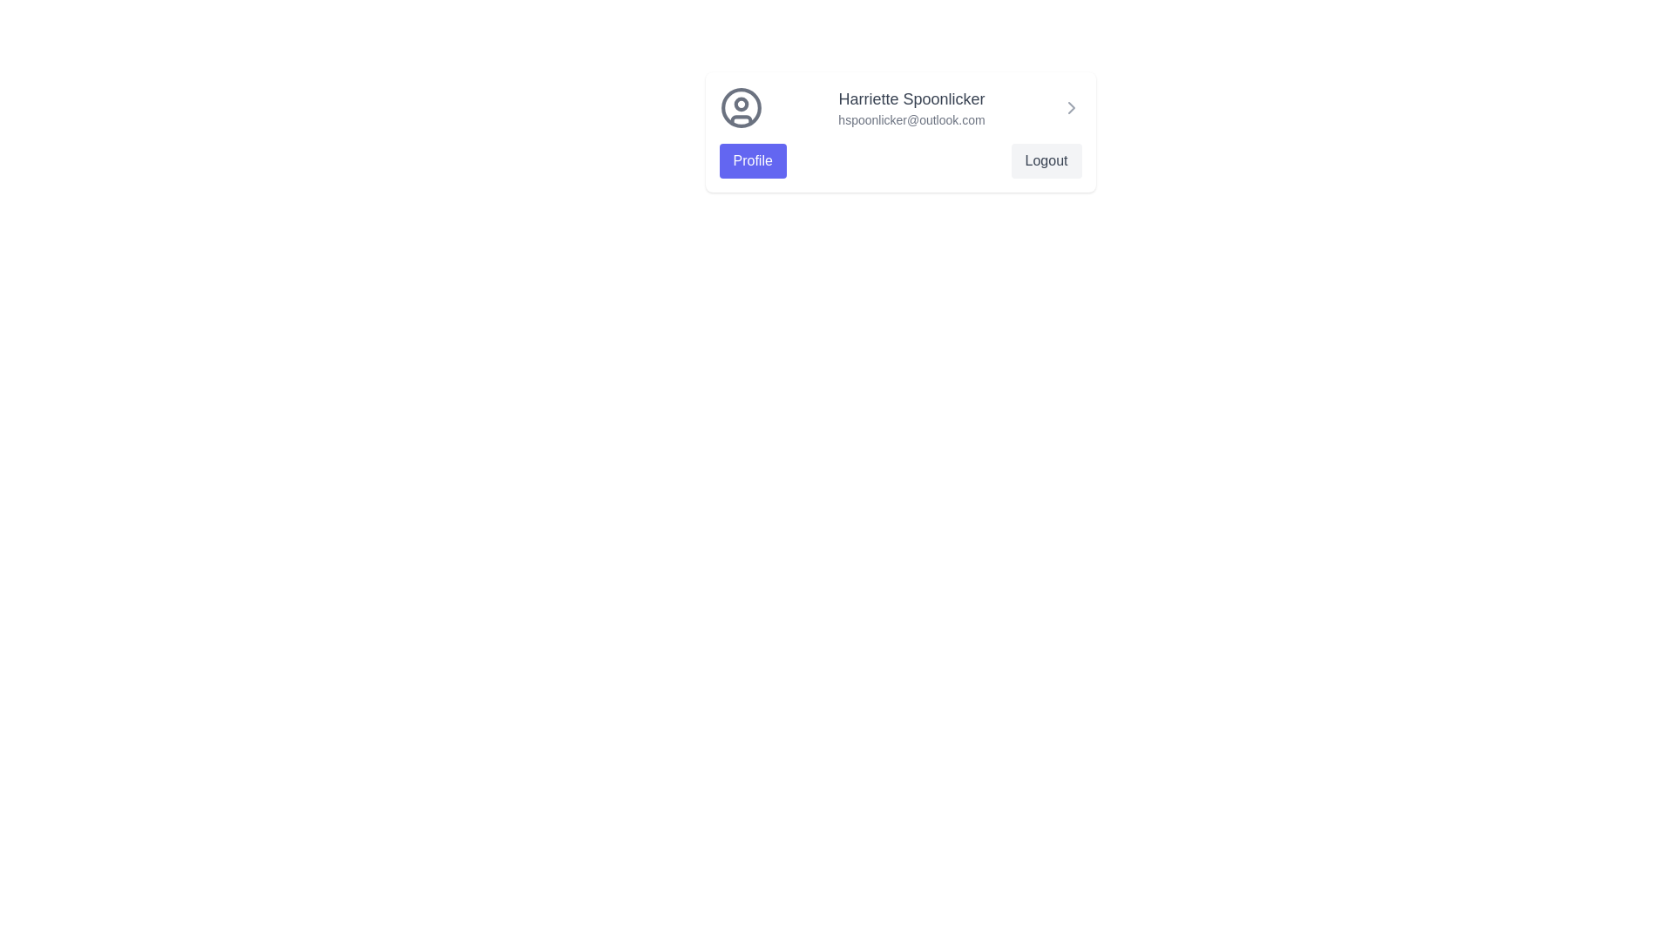  I want to click on the user name text label located at the top center of the user information section, which indicates the user's name, so click(911, 99).